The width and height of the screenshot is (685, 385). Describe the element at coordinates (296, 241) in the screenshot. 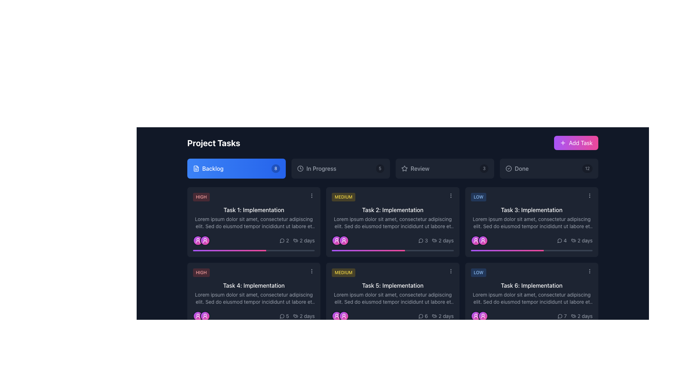

I see `the icon that represents tags or labels associated with the task card, located to the left of the textual label '2 days' in the bottom-right corner of the task card` at that location.